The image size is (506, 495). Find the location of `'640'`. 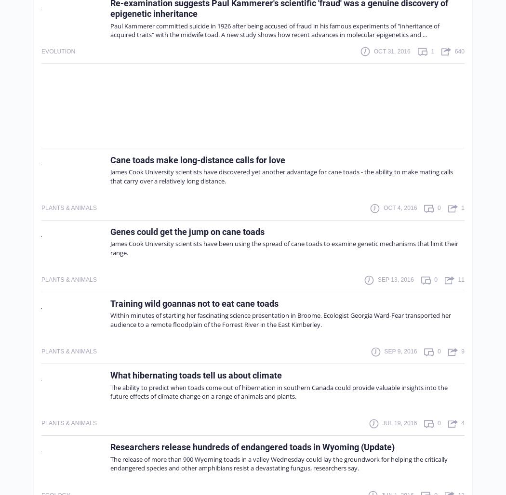

'640' is located at coordinates (454, 50).